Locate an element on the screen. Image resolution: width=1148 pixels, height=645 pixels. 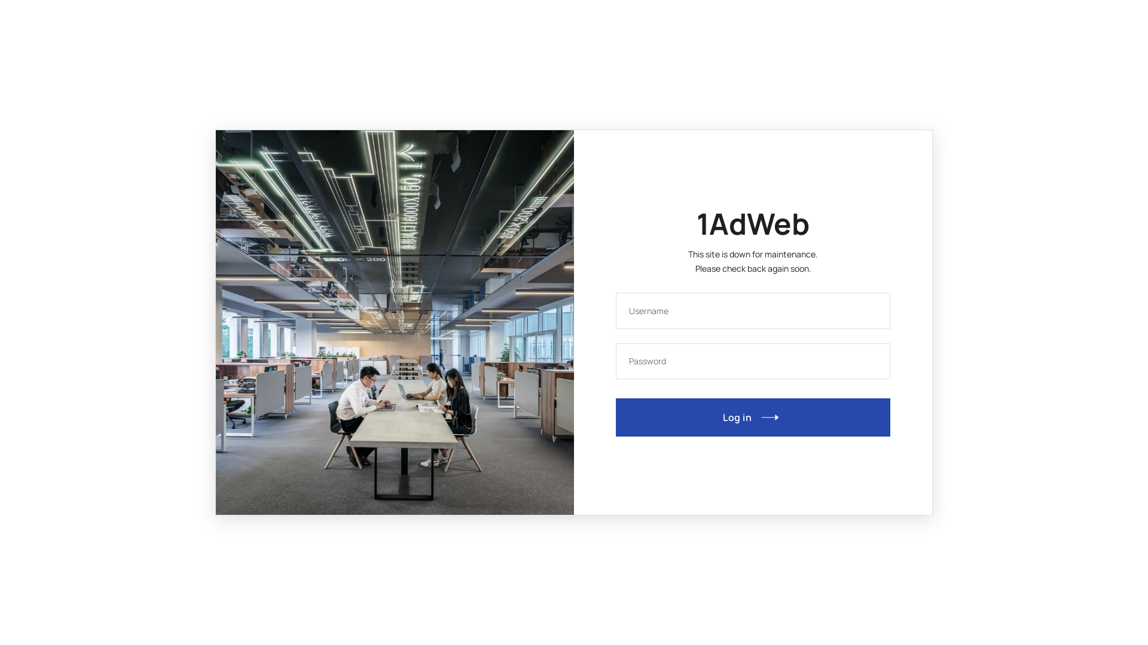
'Log in' is located at coordinates (752, 416).